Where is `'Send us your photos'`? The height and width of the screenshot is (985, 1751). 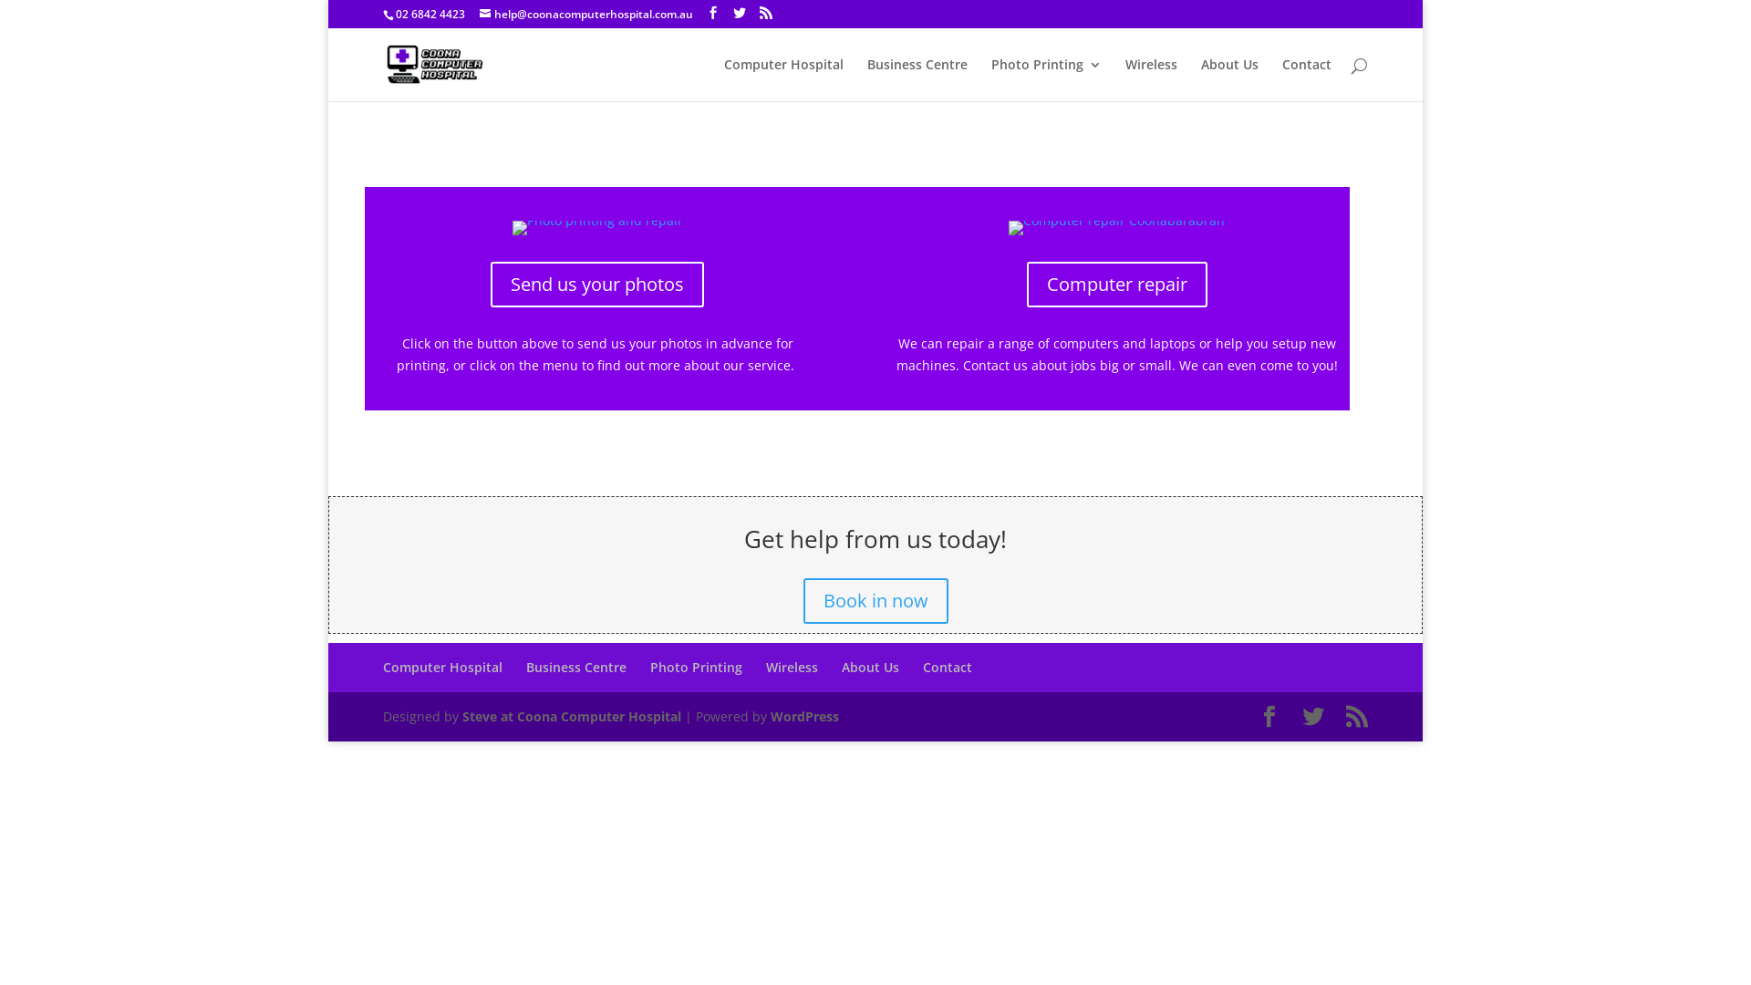 'Send us your photos' is located at coordinates (490, 285).